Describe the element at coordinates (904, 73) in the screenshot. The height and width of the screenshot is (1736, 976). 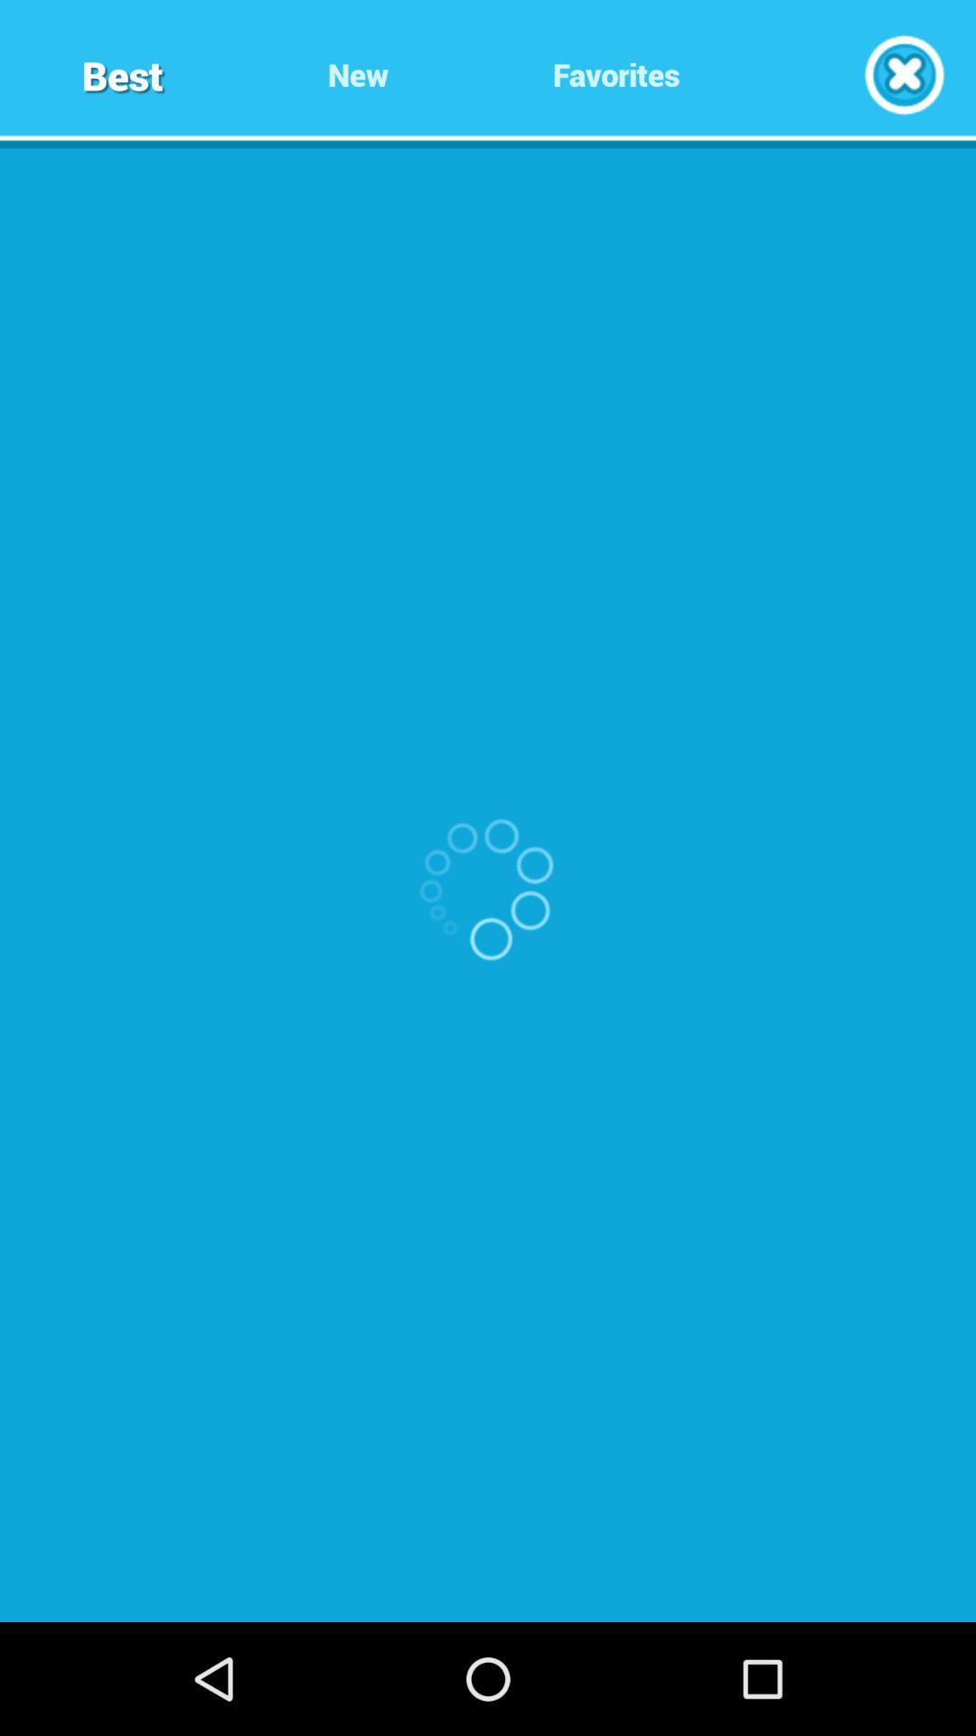
I see `exit window` at that location.